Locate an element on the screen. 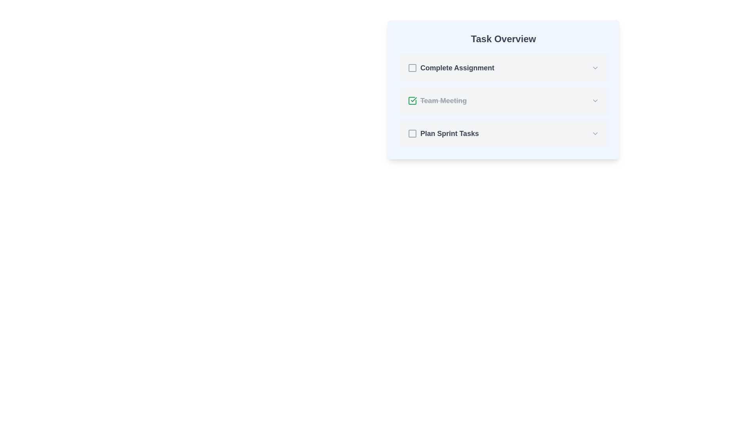 Image resolution: width=750 pixels, height=422 pixels. the dropdown arrow of the task titled 'Complete Assignment' in the 'Task Overview' section is located at coordinates (504, 67).